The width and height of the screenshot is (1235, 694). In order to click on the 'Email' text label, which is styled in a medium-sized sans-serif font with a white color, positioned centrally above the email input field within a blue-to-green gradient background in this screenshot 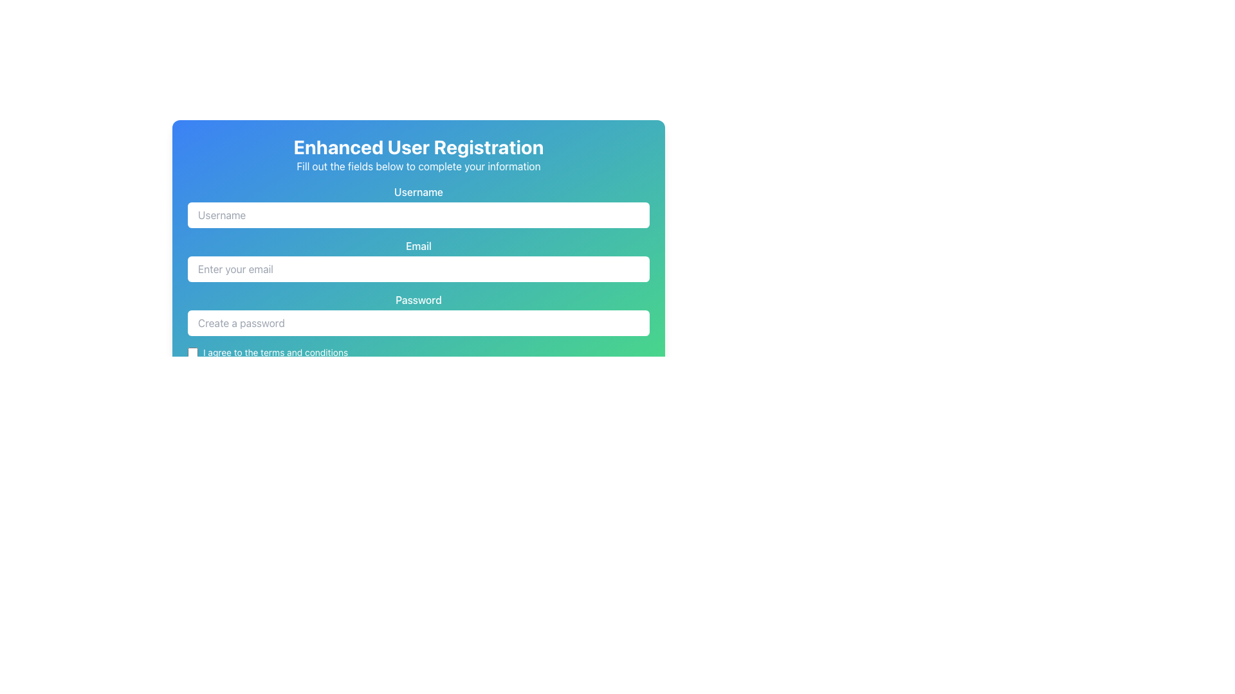, I will do `click(419, 245)`.